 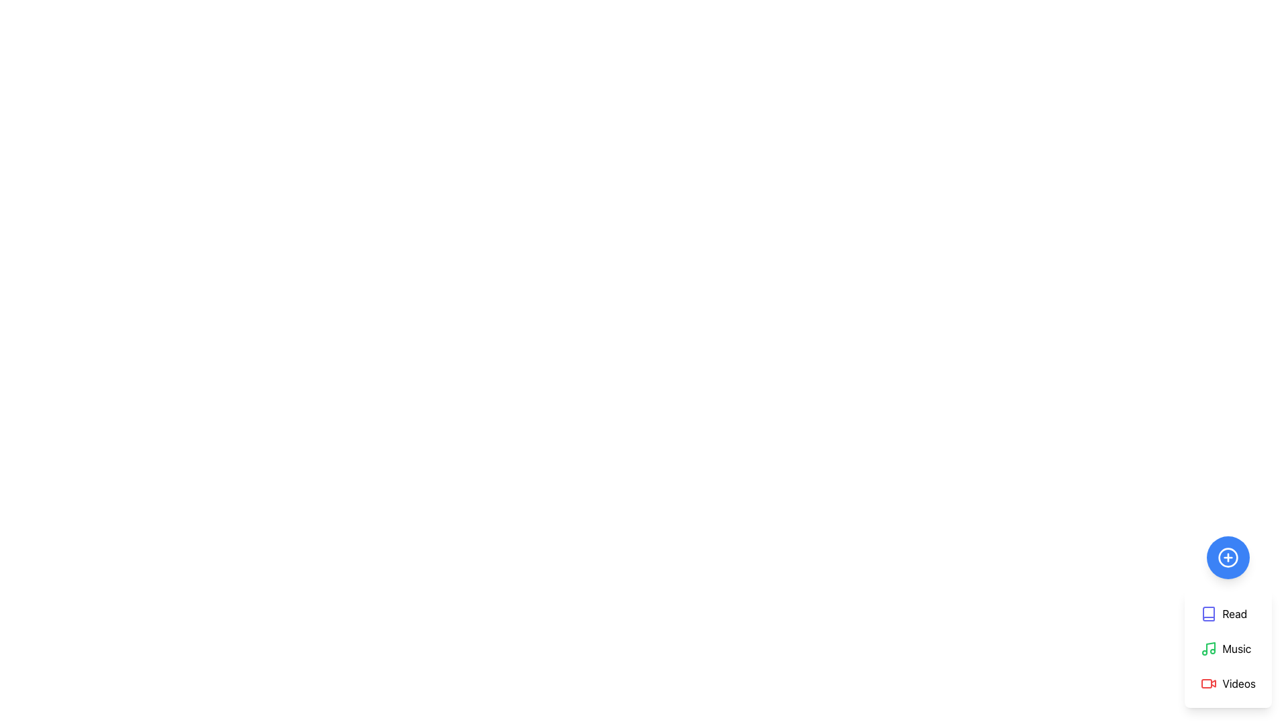 What do you see at coordinates (1209, 648) in the screenshot?
I see `the green music icon, which is located to the left of the text 'Music' in the menu, positioned between 'Read' and 'Videos'` at bounding box center [1209, 648].